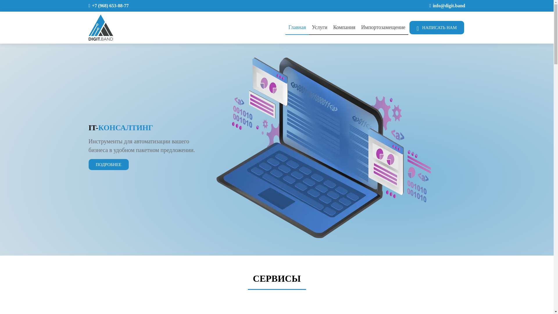 Image resolution: width=558 pixels, height=314 pixels. What do you see at coordinates (448, 6) in the screenshot?
I see `'info@digit.band'` at bounding box center [448, 6].